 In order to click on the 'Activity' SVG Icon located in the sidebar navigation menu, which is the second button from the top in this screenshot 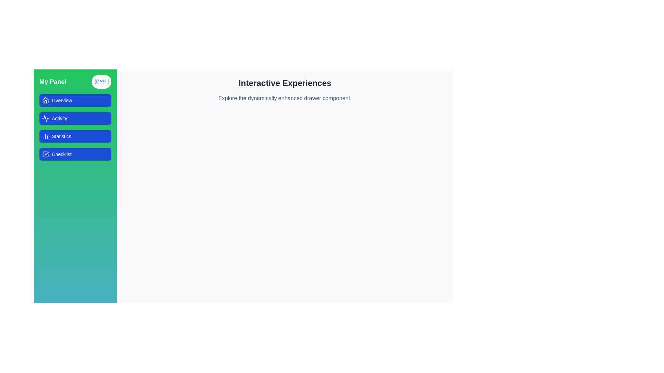, I will do `click(45, 118)`.